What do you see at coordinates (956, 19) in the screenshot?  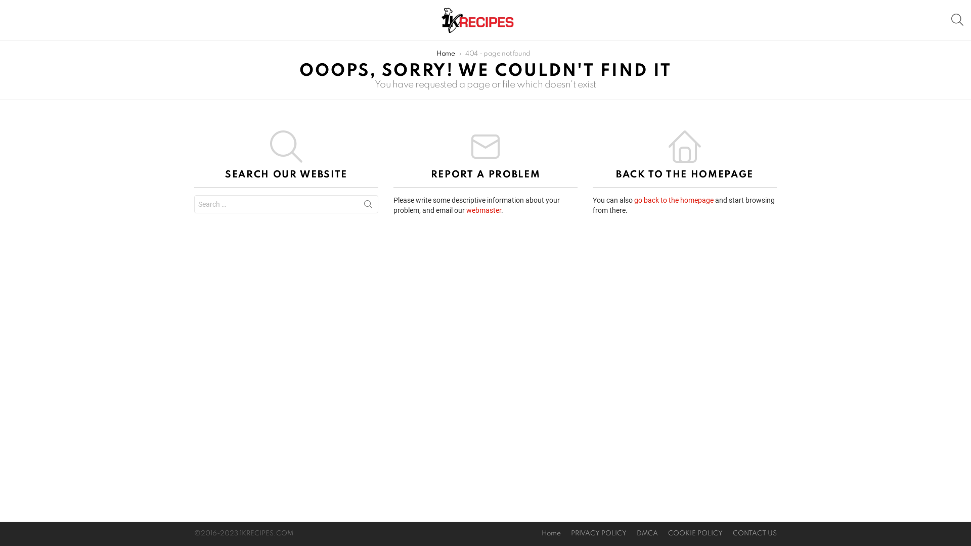 I see `'SEARCH'` at bounding box center [956, 19].